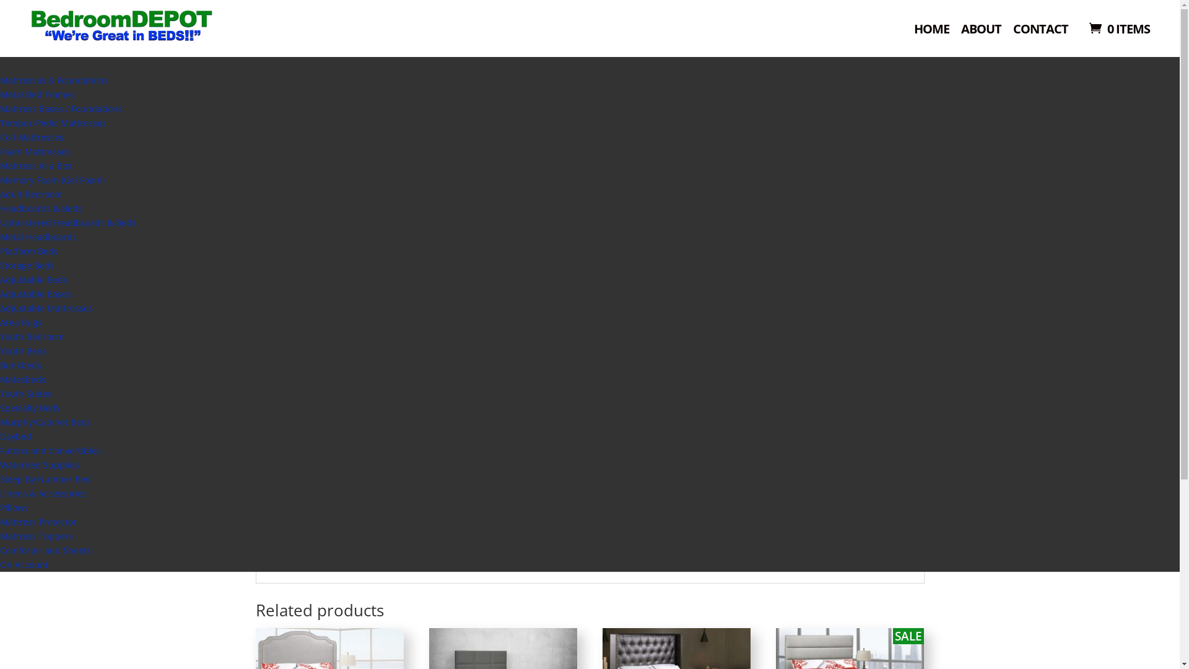  What do you see at coordinates (0, 194) in the screenshot?
I see `'Adult Bedroom'` at bounding box center [0, 194].